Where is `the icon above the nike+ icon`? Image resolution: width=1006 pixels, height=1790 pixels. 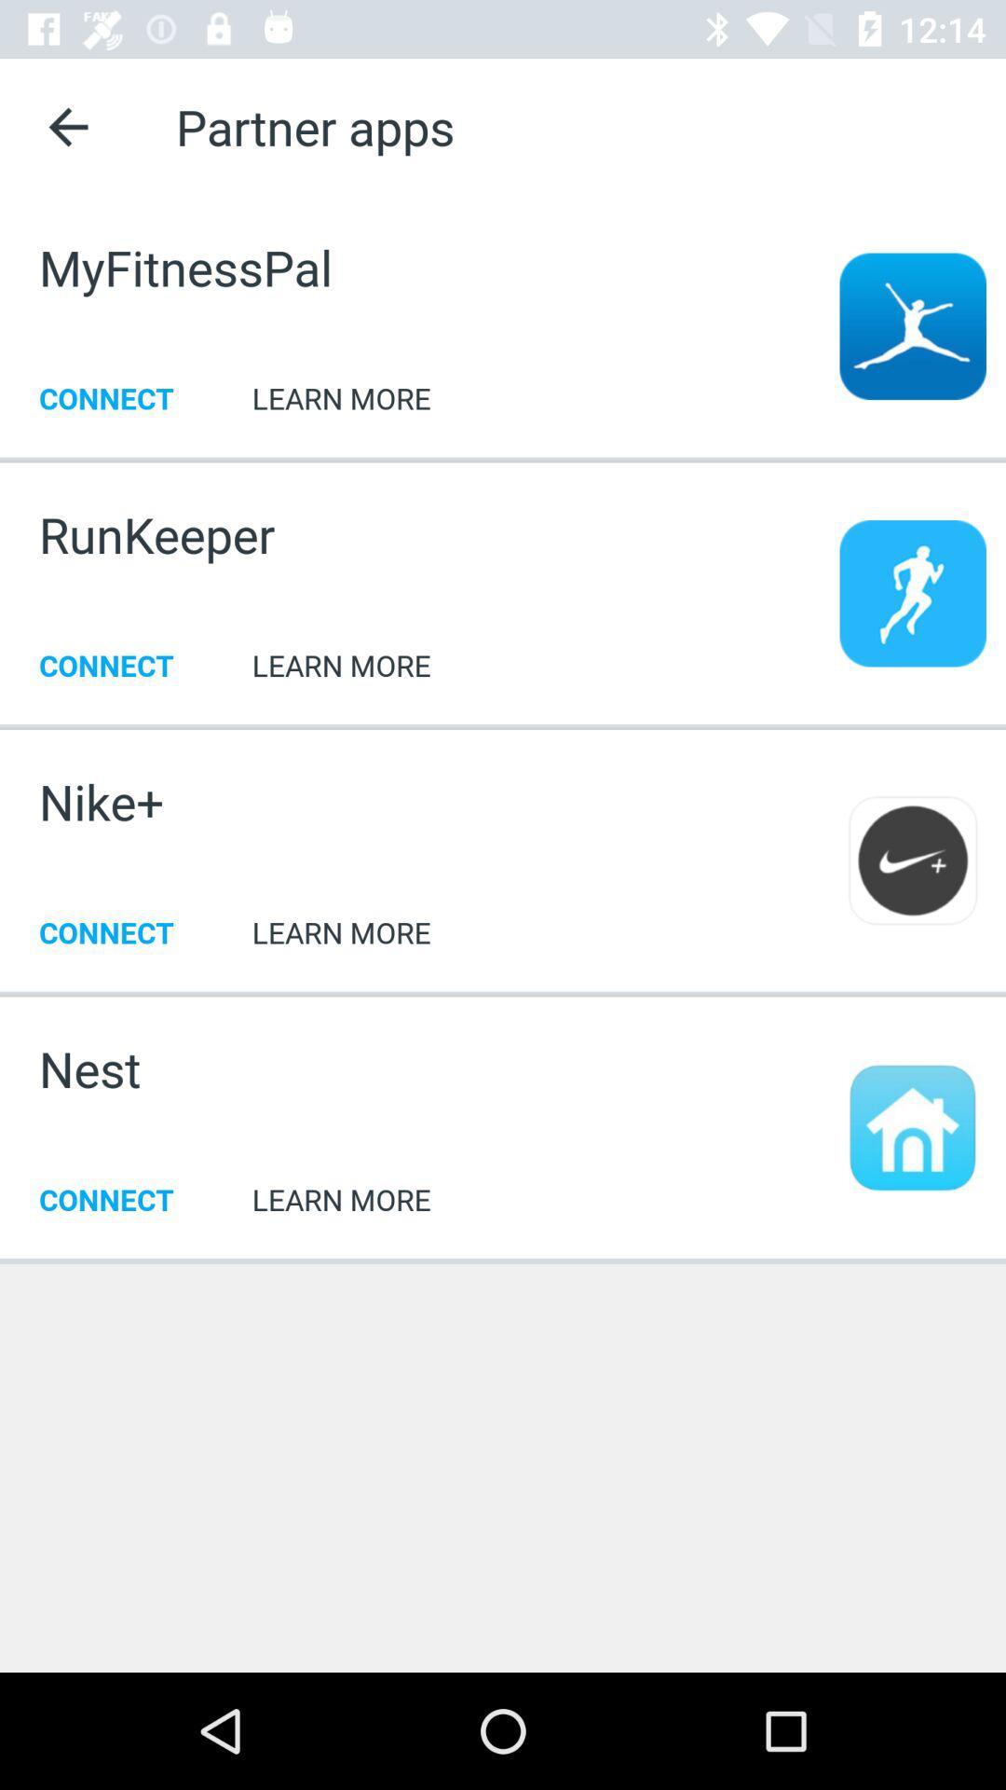
the icon above the nike+ icon is located at coordinates (503, 724).